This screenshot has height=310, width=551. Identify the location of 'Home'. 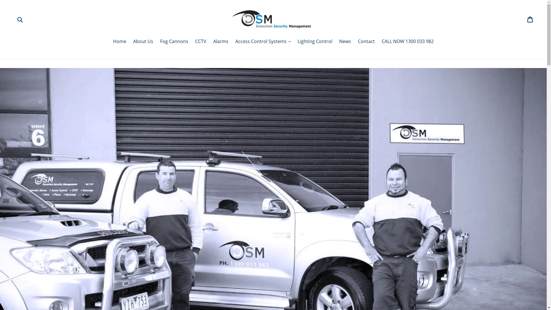
(119, 41).